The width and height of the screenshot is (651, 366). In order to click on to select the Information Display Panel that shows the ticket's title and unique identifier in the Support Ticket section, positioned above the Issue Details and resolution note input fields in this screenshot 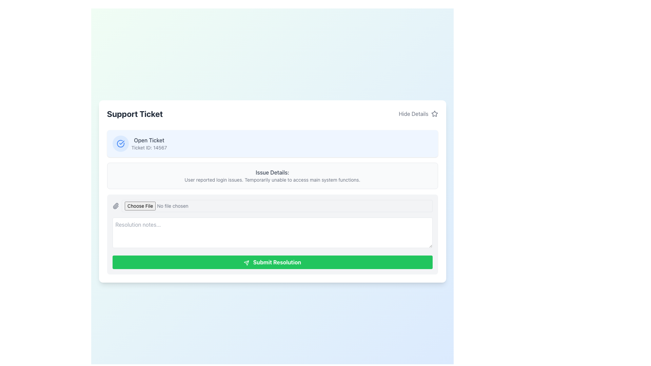, I will do `click(272, 143)`.